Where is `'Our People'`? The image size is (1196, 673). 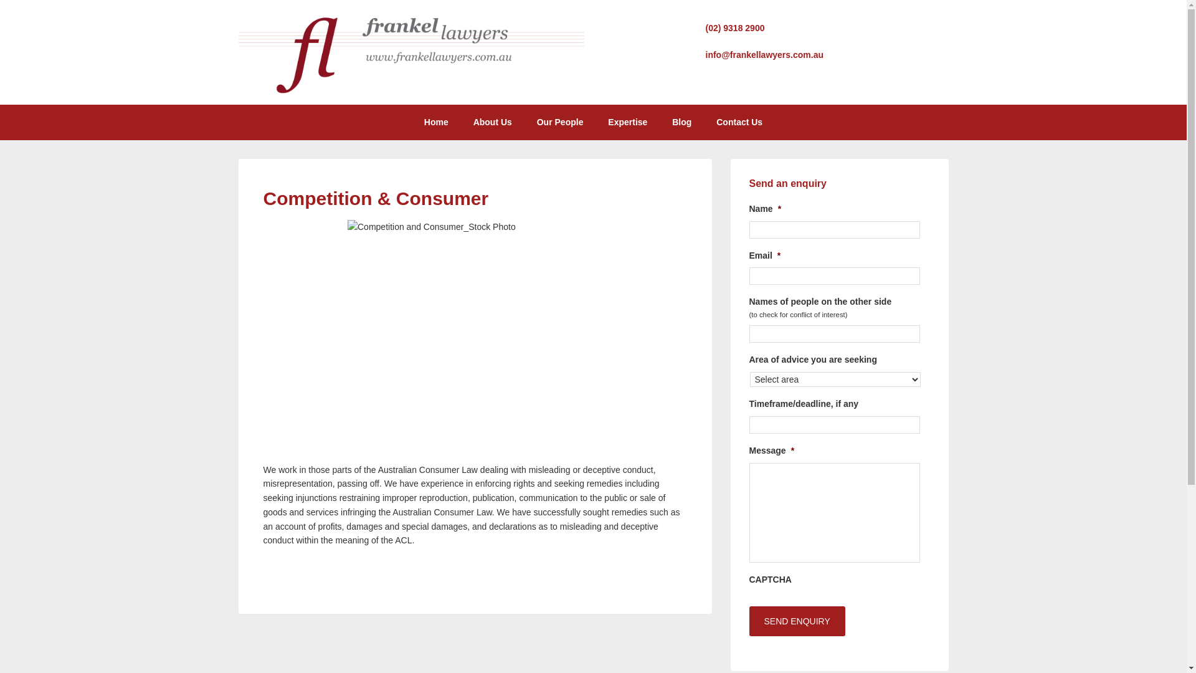
'Our People' is located at coordinates (526, 122).